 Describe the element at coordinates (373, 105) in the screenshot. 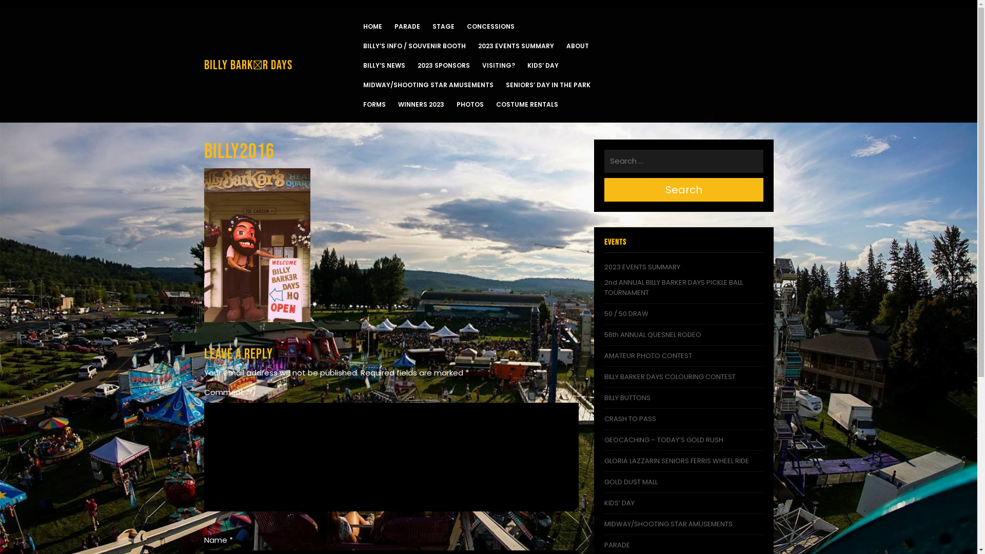

I see `'FORMS'` at that location.